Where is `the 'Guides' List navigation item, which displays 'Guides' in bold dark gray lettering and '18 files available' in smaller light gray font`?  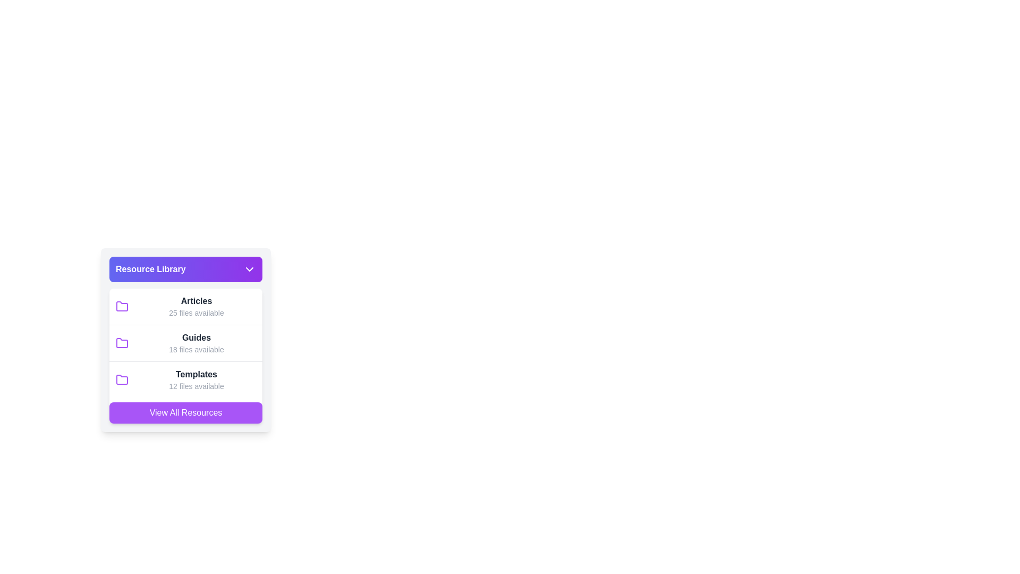
the 'Guides' List navigation item, which displays 'Guides' in bold dark gray lettering and '18 files available' in smaller light gray font is located at coordinates (196, 343).